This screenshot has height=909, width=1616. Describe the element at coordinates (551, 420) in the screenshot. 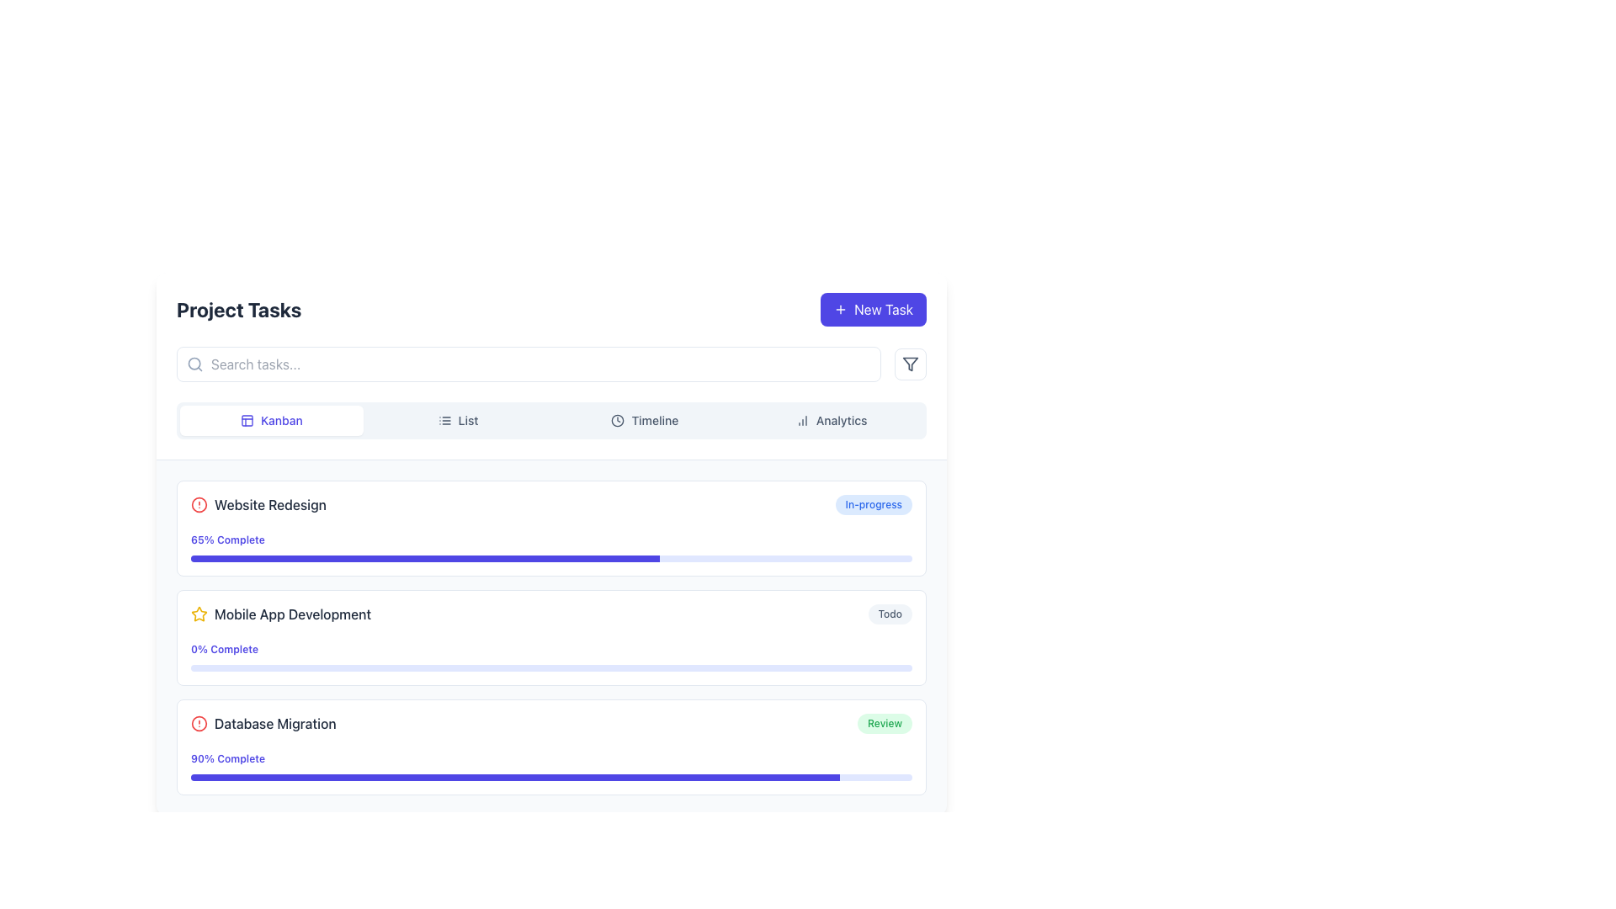

I see `the third interactive segment button of the navigation bar located near the top center of the interface, which allows navigation between different views such as 'Kanban', 'List', 'Timeline', and 'Analytics'` at that location.